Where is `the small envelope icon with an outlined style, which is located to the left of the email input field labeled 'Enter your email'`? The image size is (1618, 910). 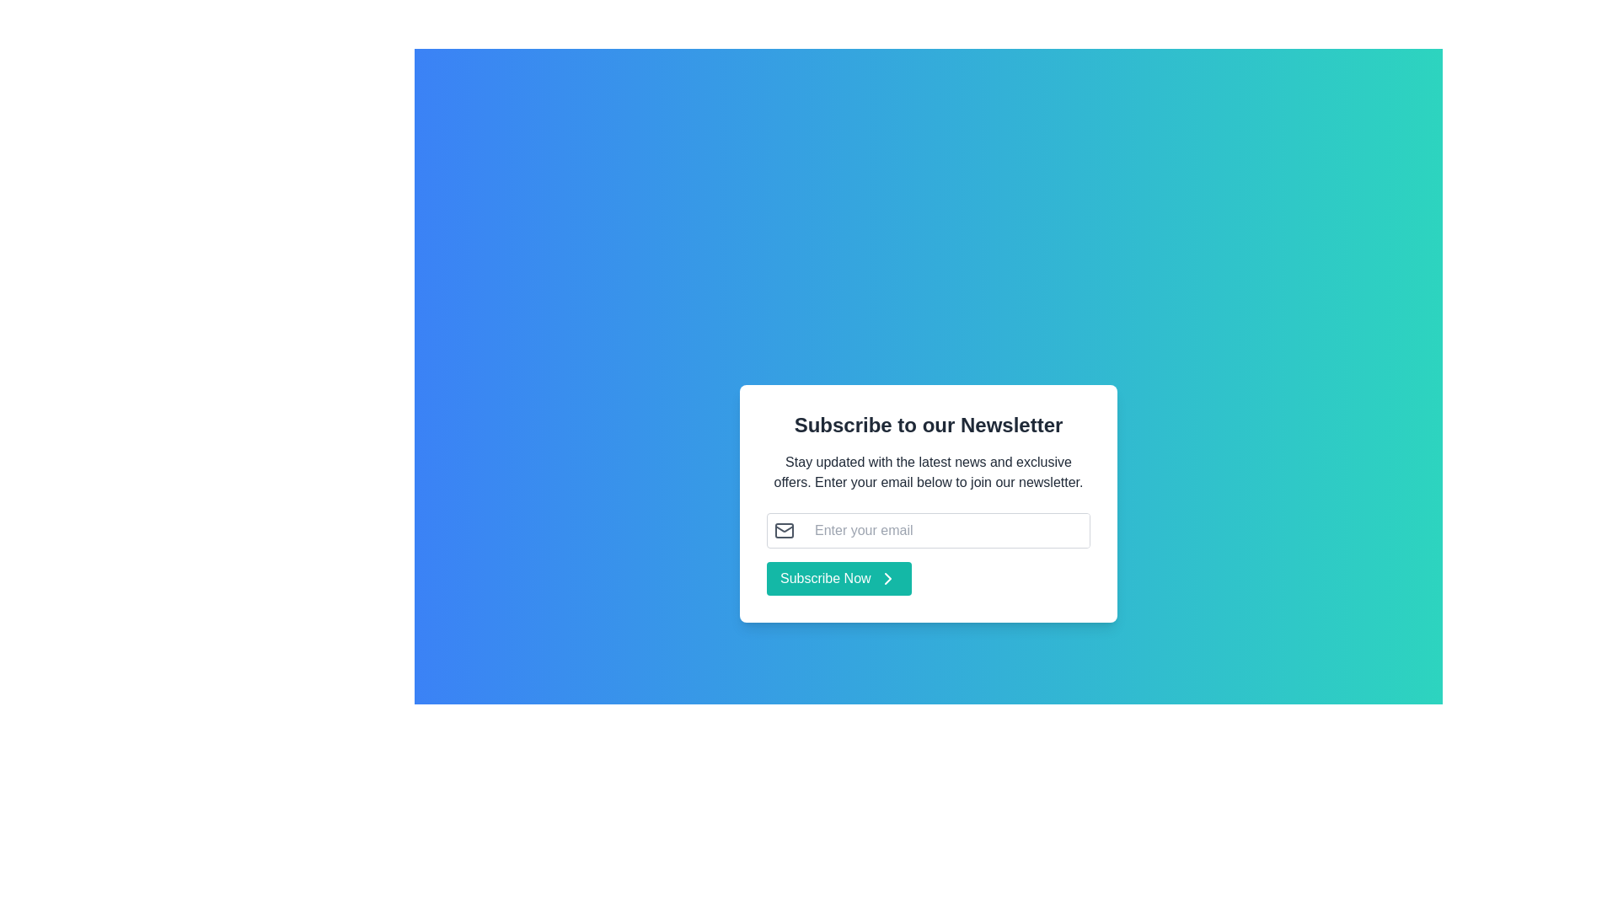
the small envelope icon with an outlined style, which is located to the left of the email input field labeled 'Enter your email' is located at coordinates (784, 529).